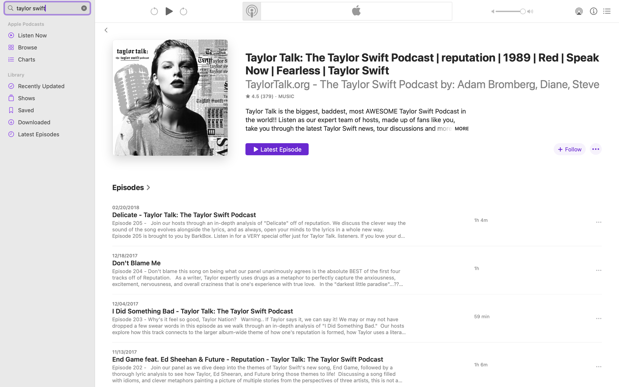 This screenshot has height=387, width=619. Describe the element at coordinates (511, 11) in the screenshot. I see `'1.0'` at that location.